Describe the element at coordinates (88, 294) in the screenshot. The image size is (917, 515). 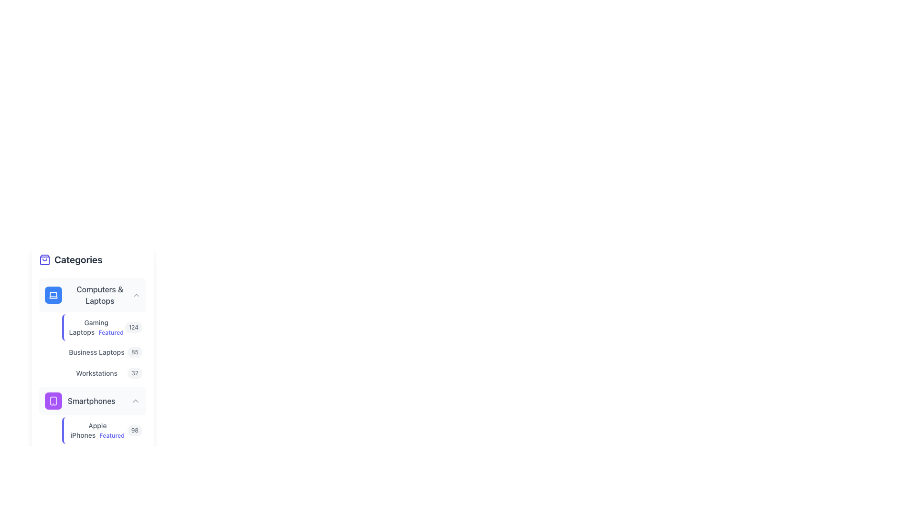
I see `to select the category 'Computers & Laptops', which is the first item in the vertical list of categories under the heading 'Categories'` at that location.